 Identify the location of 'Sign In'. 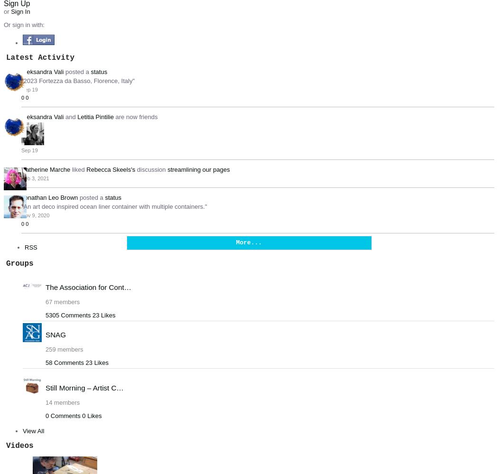
(20, 11).